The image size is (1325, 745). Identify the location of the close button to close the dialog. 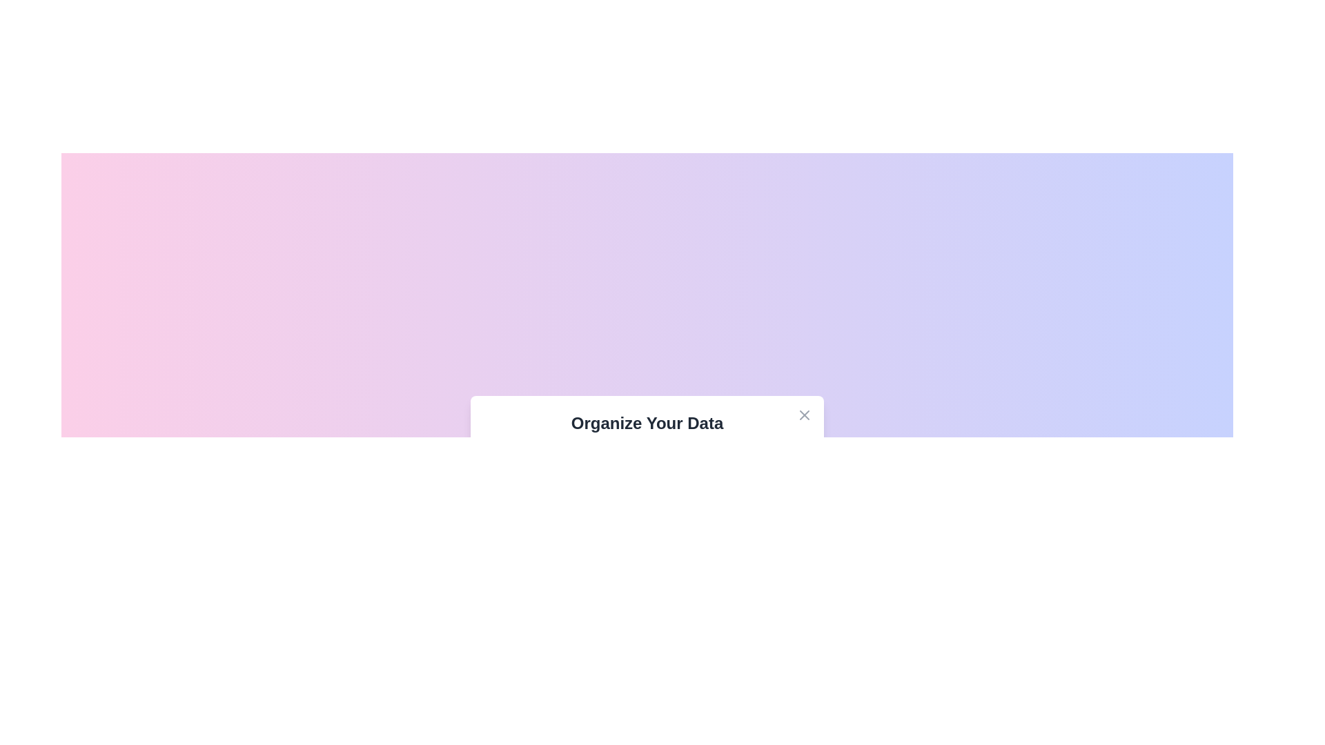
(805, 414).